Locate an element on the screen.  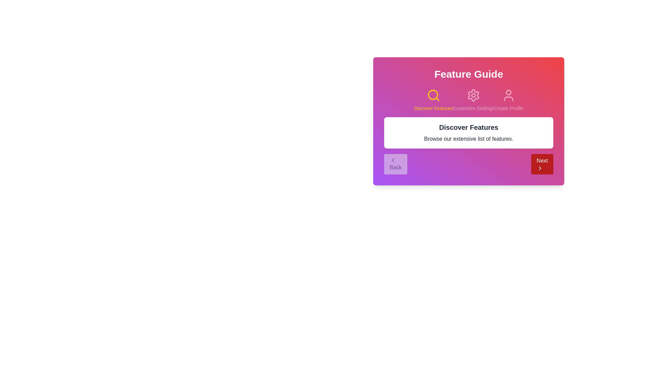
the step associated with Discover Features by clicking its icon is located at coordinates (433, 95).